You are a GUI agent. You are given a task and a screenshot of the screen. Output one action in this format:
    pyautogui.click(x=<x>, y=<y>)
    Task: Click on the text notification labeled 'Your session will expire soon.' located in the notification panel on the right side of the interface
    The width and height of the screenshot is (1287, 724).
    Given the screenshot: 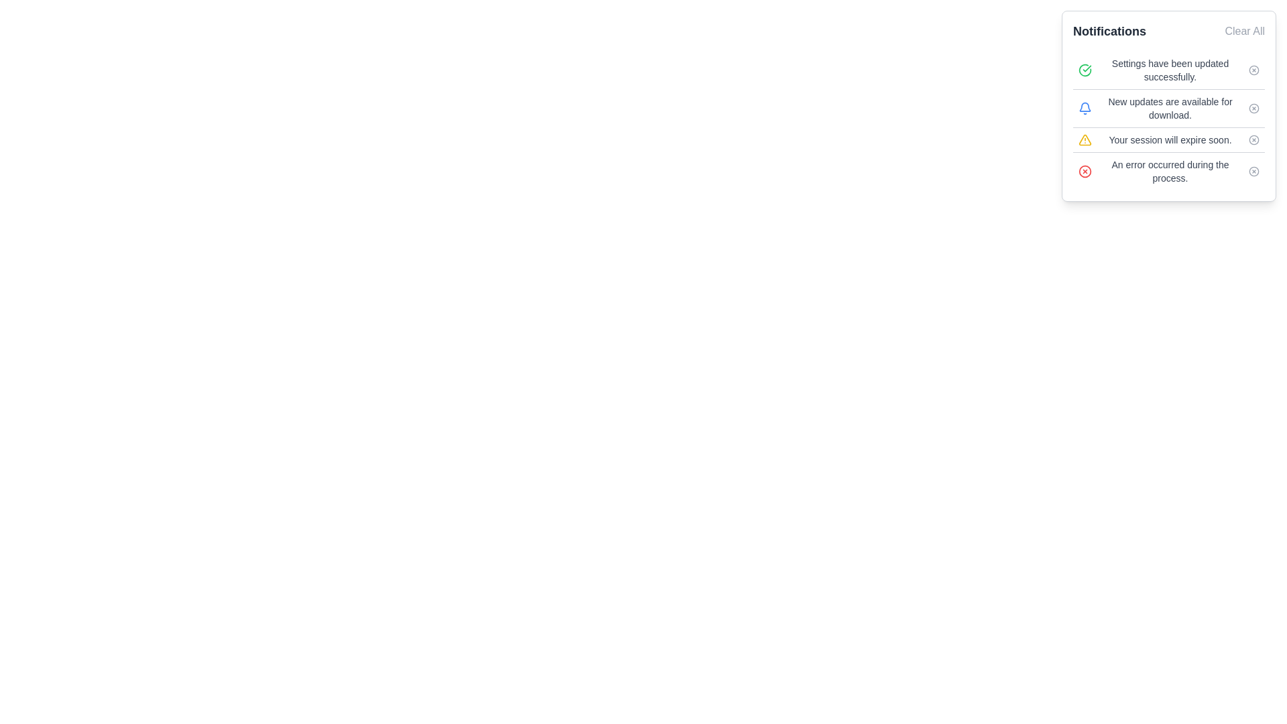 What is the action you would take?
    pyautogui.click(x=1170, y=139)
    